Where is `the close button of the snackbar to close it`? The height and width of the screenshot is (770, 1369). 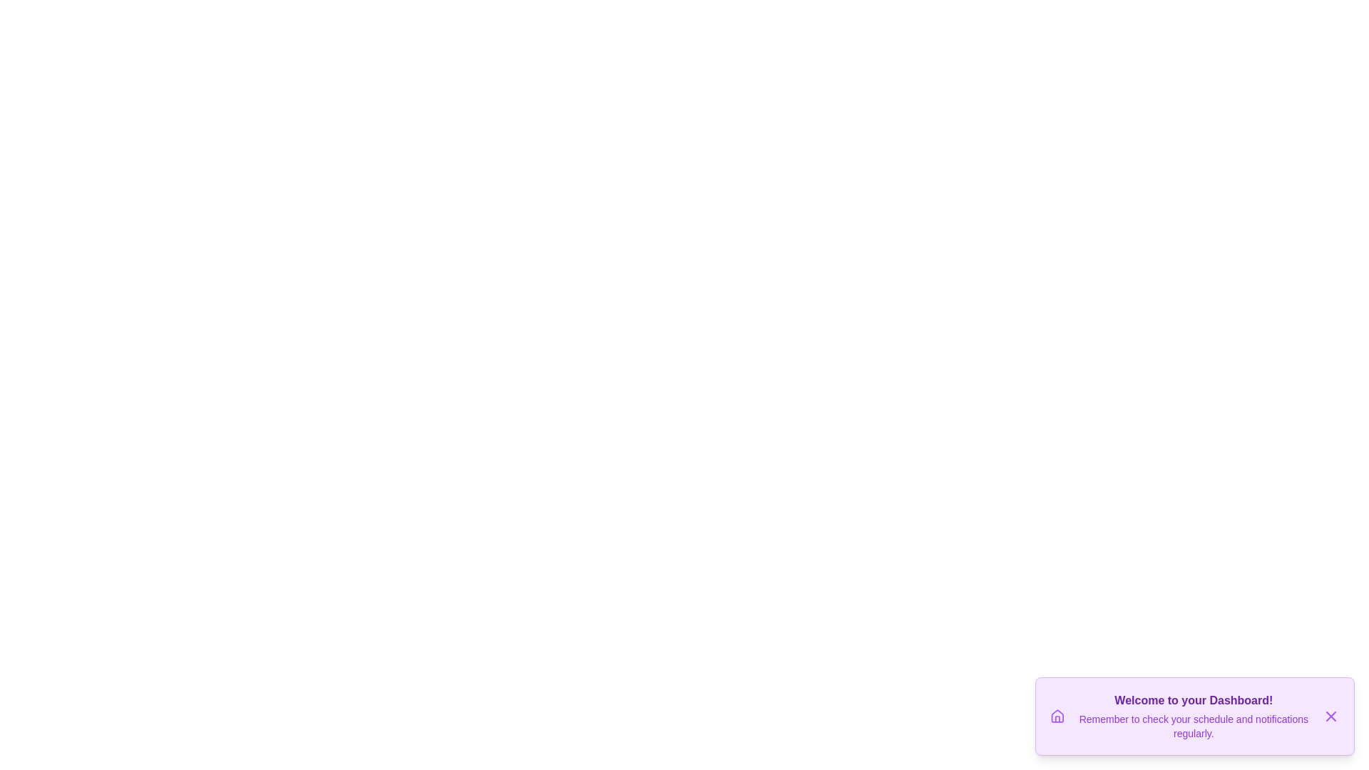
the close button of the snackbar to close it is located at coordinates (1330, 717).